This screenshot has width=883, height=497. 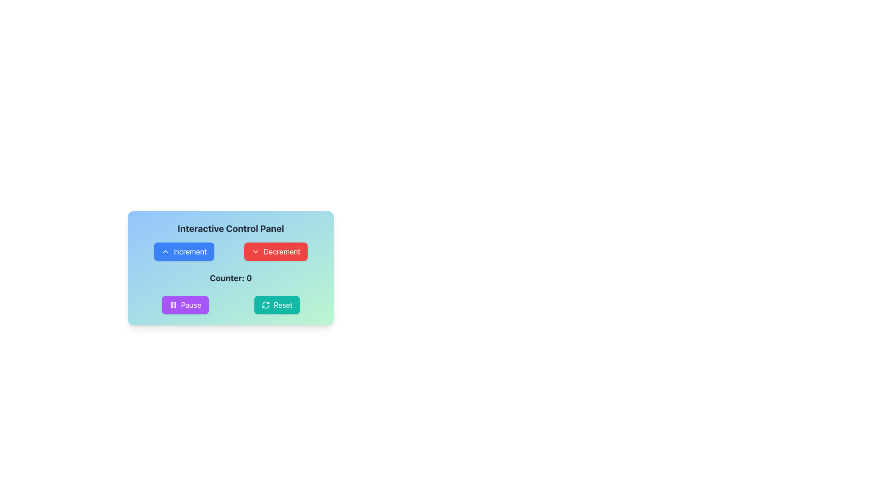 I want to click on the pause button located to the left of the 'Reset' button, so click(x=184, y=305).